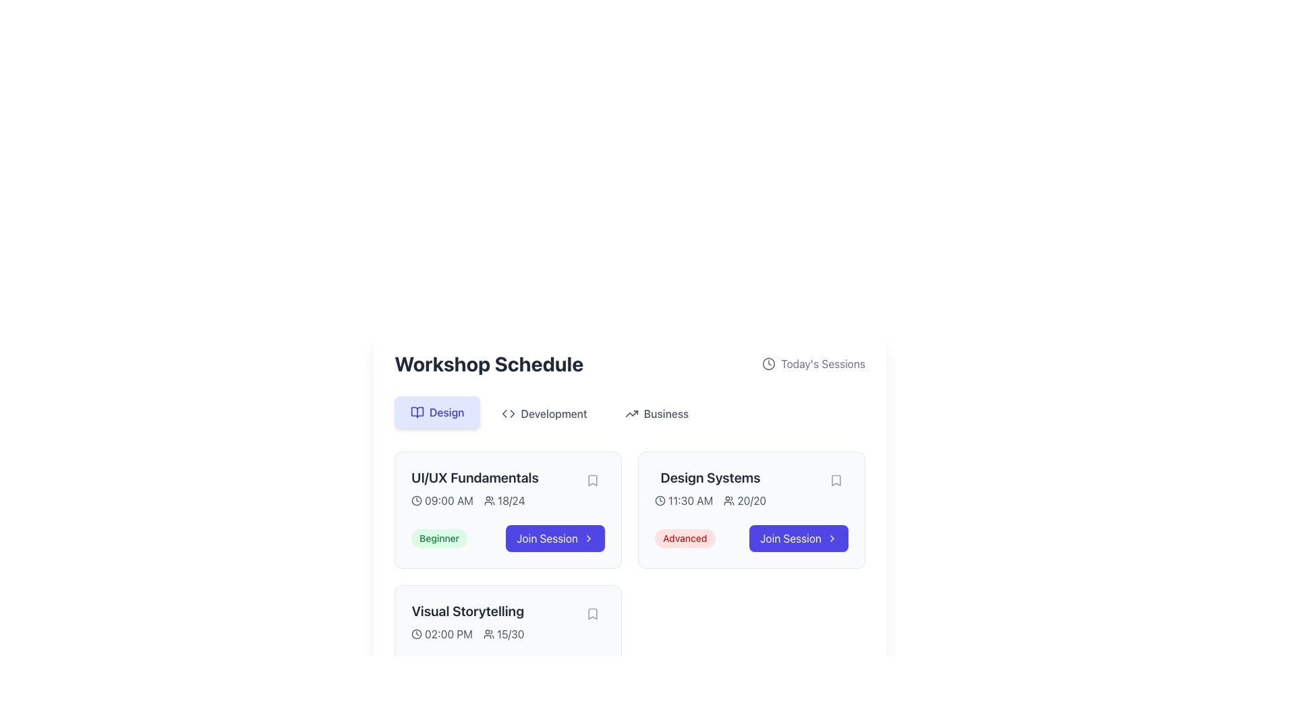 The height and width of the screenshot is (728, 1295). Describe the element at coordinates (592, 613) in the screenshot. I see `the Icon button located in the bottom-right corner of the 'Visual Storytelling' workshop card` at that location.